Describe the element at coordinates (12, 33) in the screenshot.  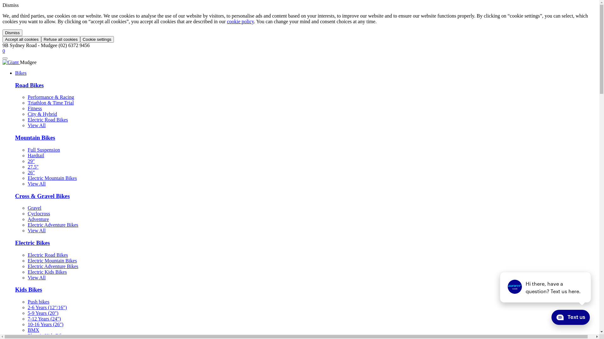
I see `'Dismiss'` at that location.